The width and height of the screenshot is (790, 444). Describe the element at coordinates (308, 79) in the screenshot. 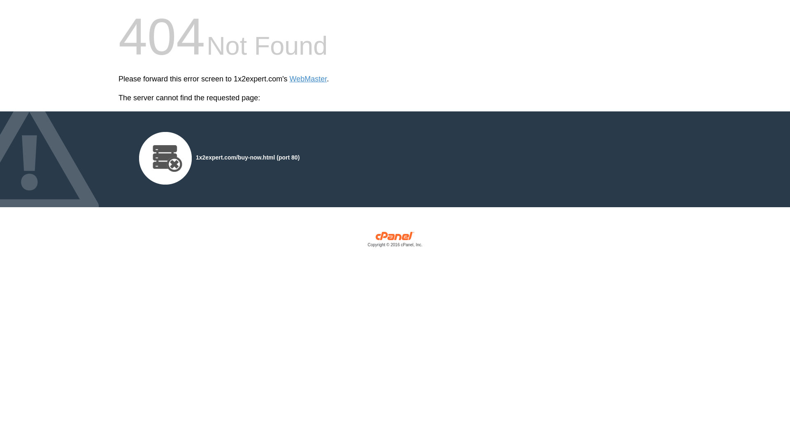

I see `'WebMaster'` at that location.